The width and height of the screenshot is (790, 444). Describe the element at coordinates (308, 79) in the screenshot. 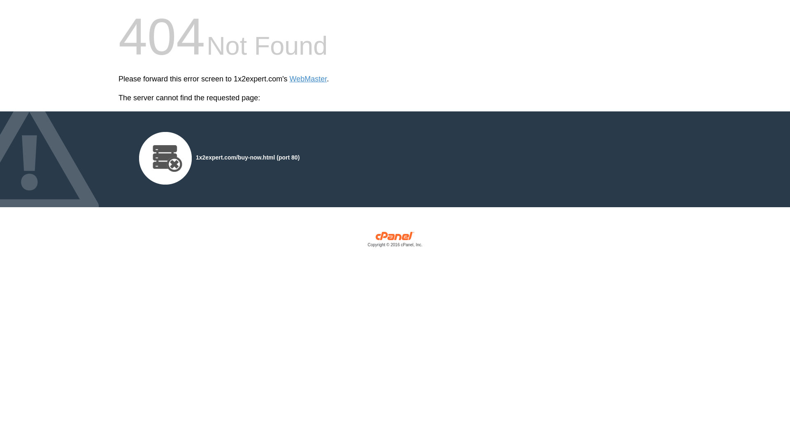

I see `'WebMaster'` at that location.